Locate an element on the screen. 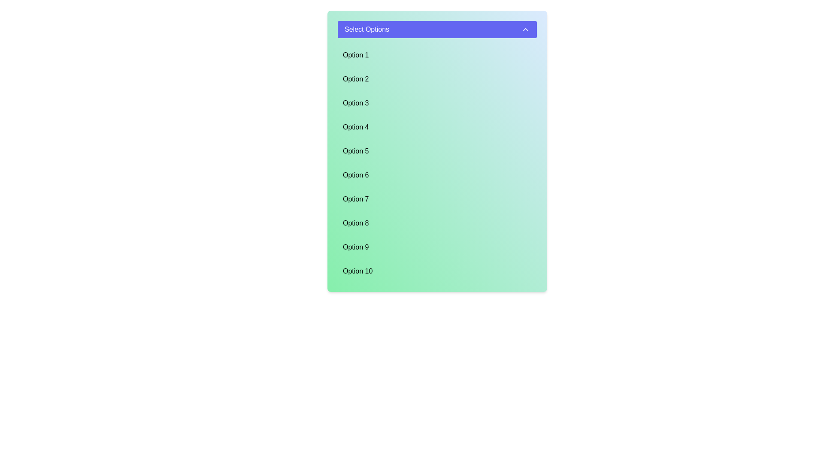  the toggle icon is located at coordinates (525, 29).